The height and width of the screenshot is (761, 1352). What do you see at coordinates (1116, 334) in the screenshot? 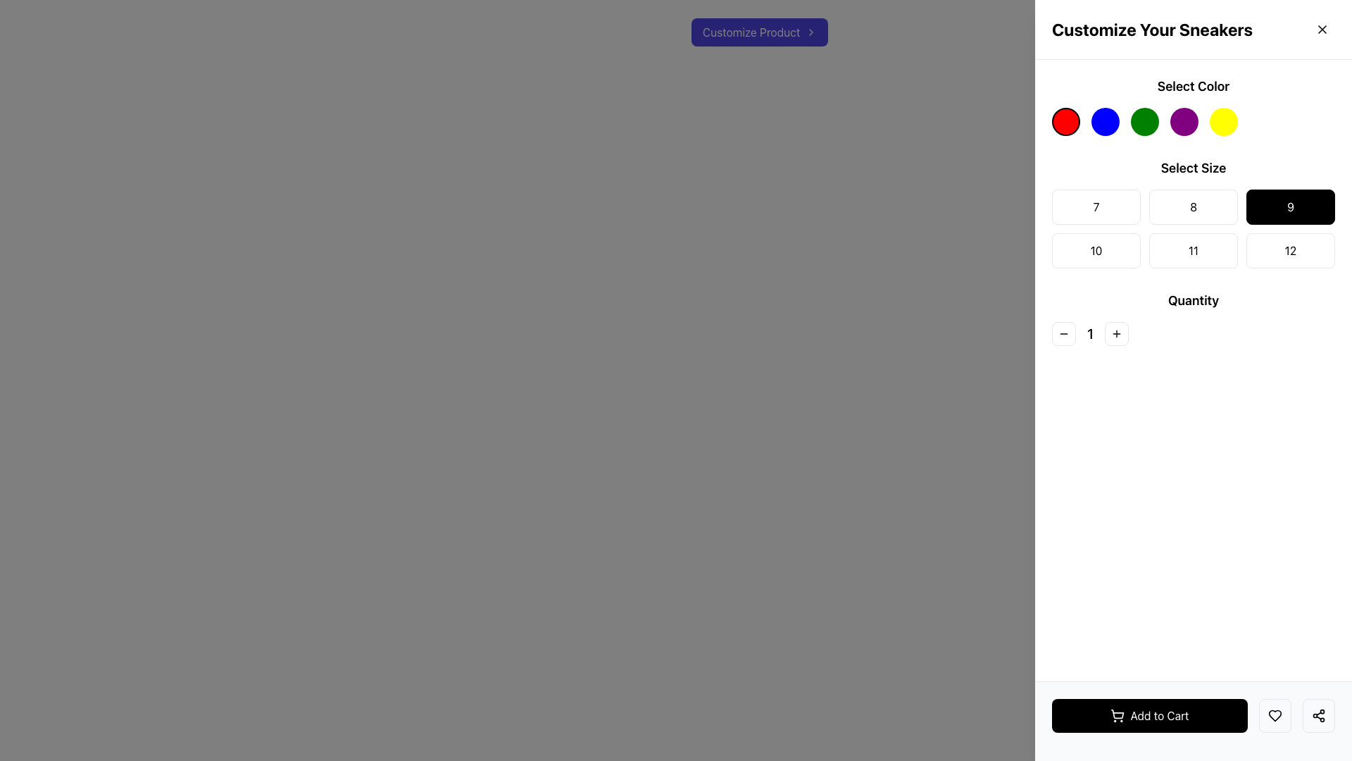
I see `the Increment Button, which is a small square button with a '+' icon, located in the 'Quantity' group towards the bottom-right of the interface` at bounding box center [1116, 334].